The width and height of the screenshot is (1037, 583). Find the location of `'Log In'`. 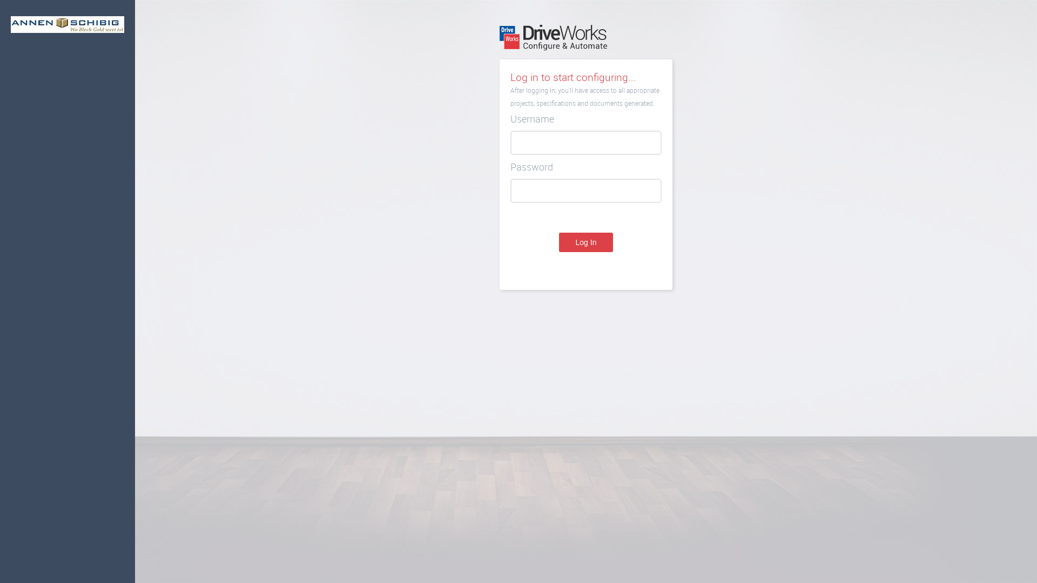

'Log In' is located at coordinates (559, 241).